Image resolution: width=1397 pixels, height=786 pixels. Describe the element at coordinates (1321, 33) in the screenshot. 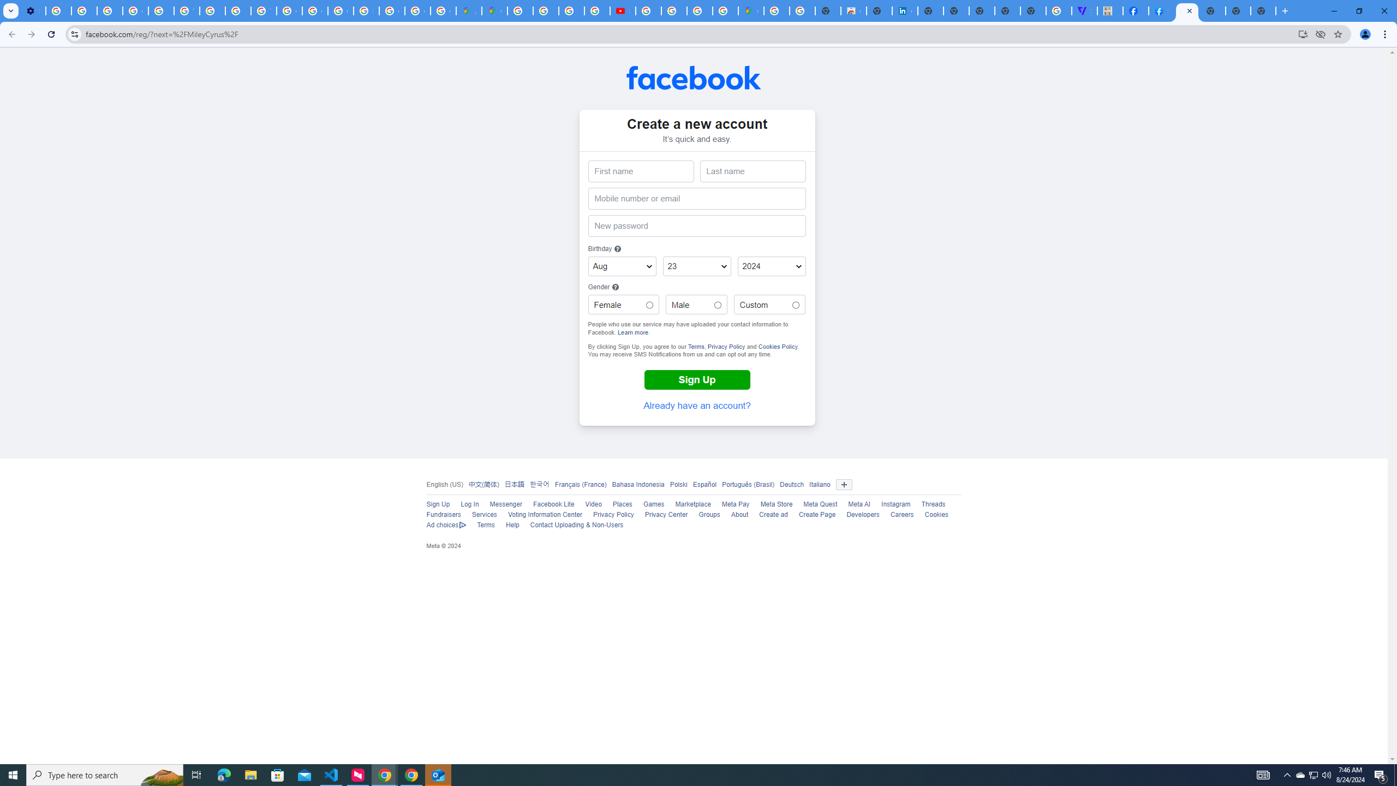

I see `'Third-party cookies blocked'` at that location.